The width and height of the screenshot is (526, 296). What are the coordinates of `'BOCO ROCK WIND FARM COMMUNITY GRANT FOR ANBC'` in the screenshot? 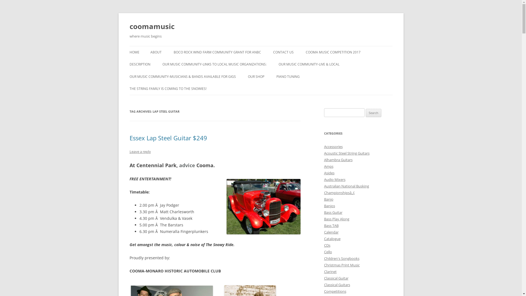 It's located at (217, 52).